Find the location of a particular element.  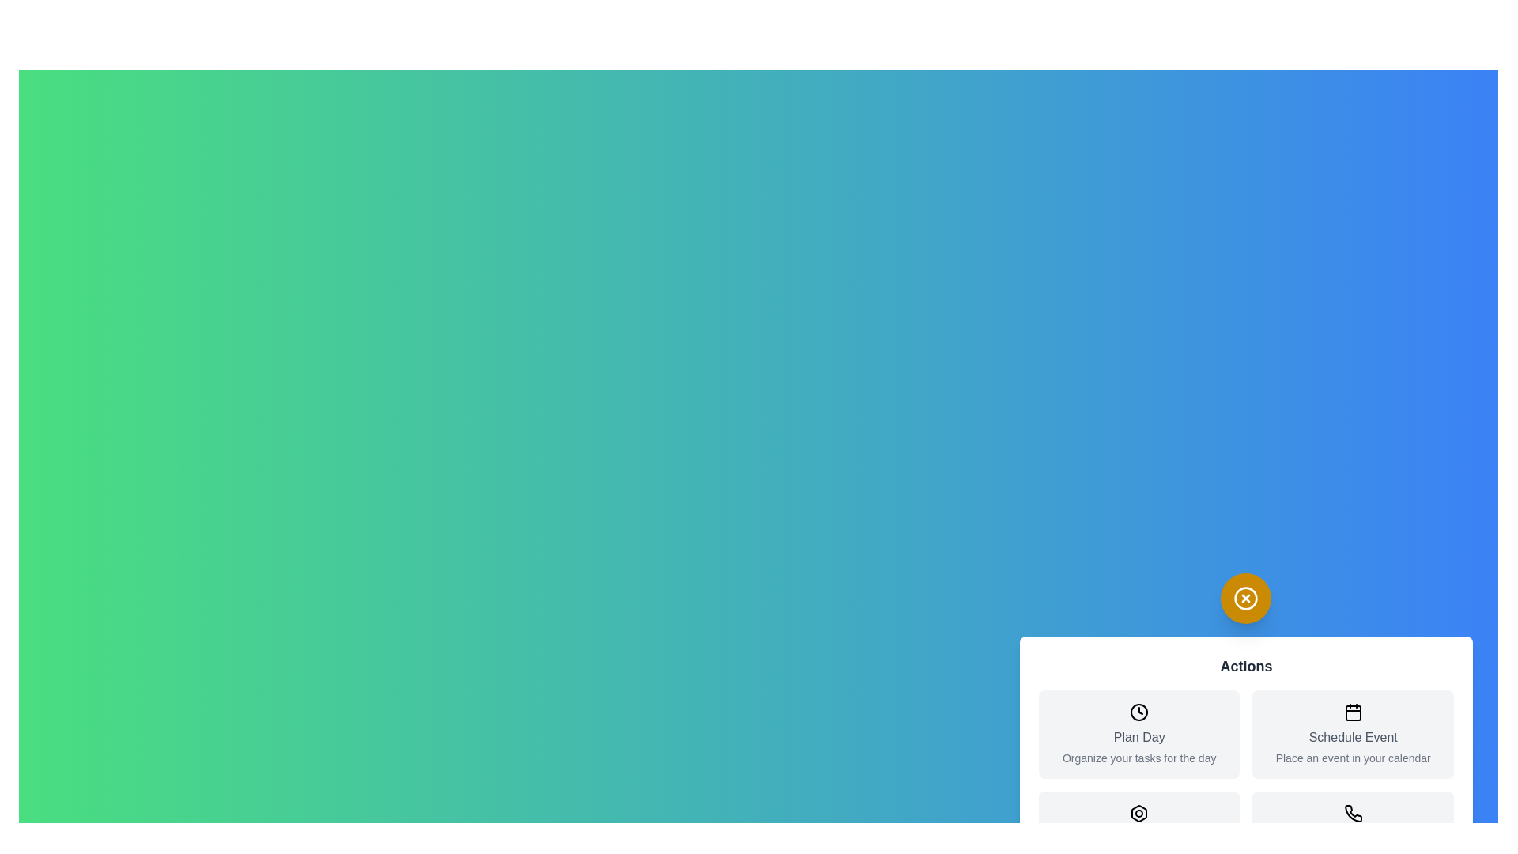

the action item Plan Day from the menu is located at coordinates (1138, 735).